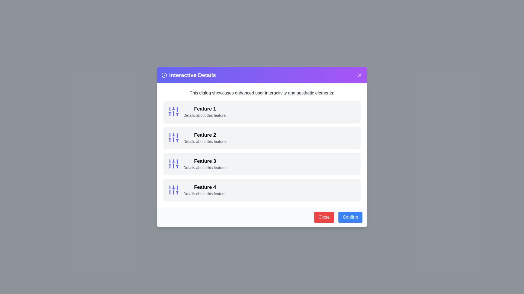 This screenshot has width=524, height=294. What do you see at coordinates (350, 217) in the screenshot?
I see `the 'Confirm' button in the footer of the dialog` at bounding box center [350, 217].